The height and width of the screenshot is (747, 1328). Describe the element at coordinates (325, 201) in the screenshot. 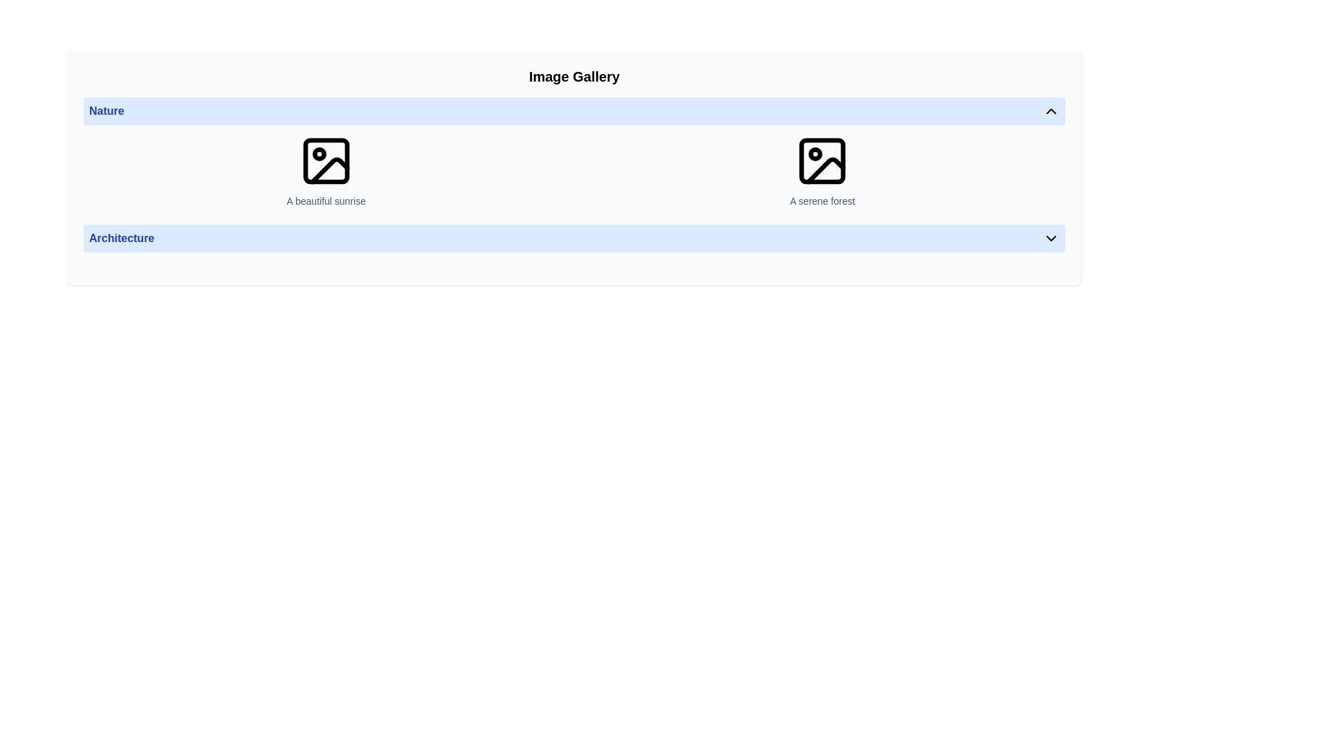

I see `the caption text in the 'Image Gallery' section under the 'Nature' category, which describes the associated image above it` at that location.